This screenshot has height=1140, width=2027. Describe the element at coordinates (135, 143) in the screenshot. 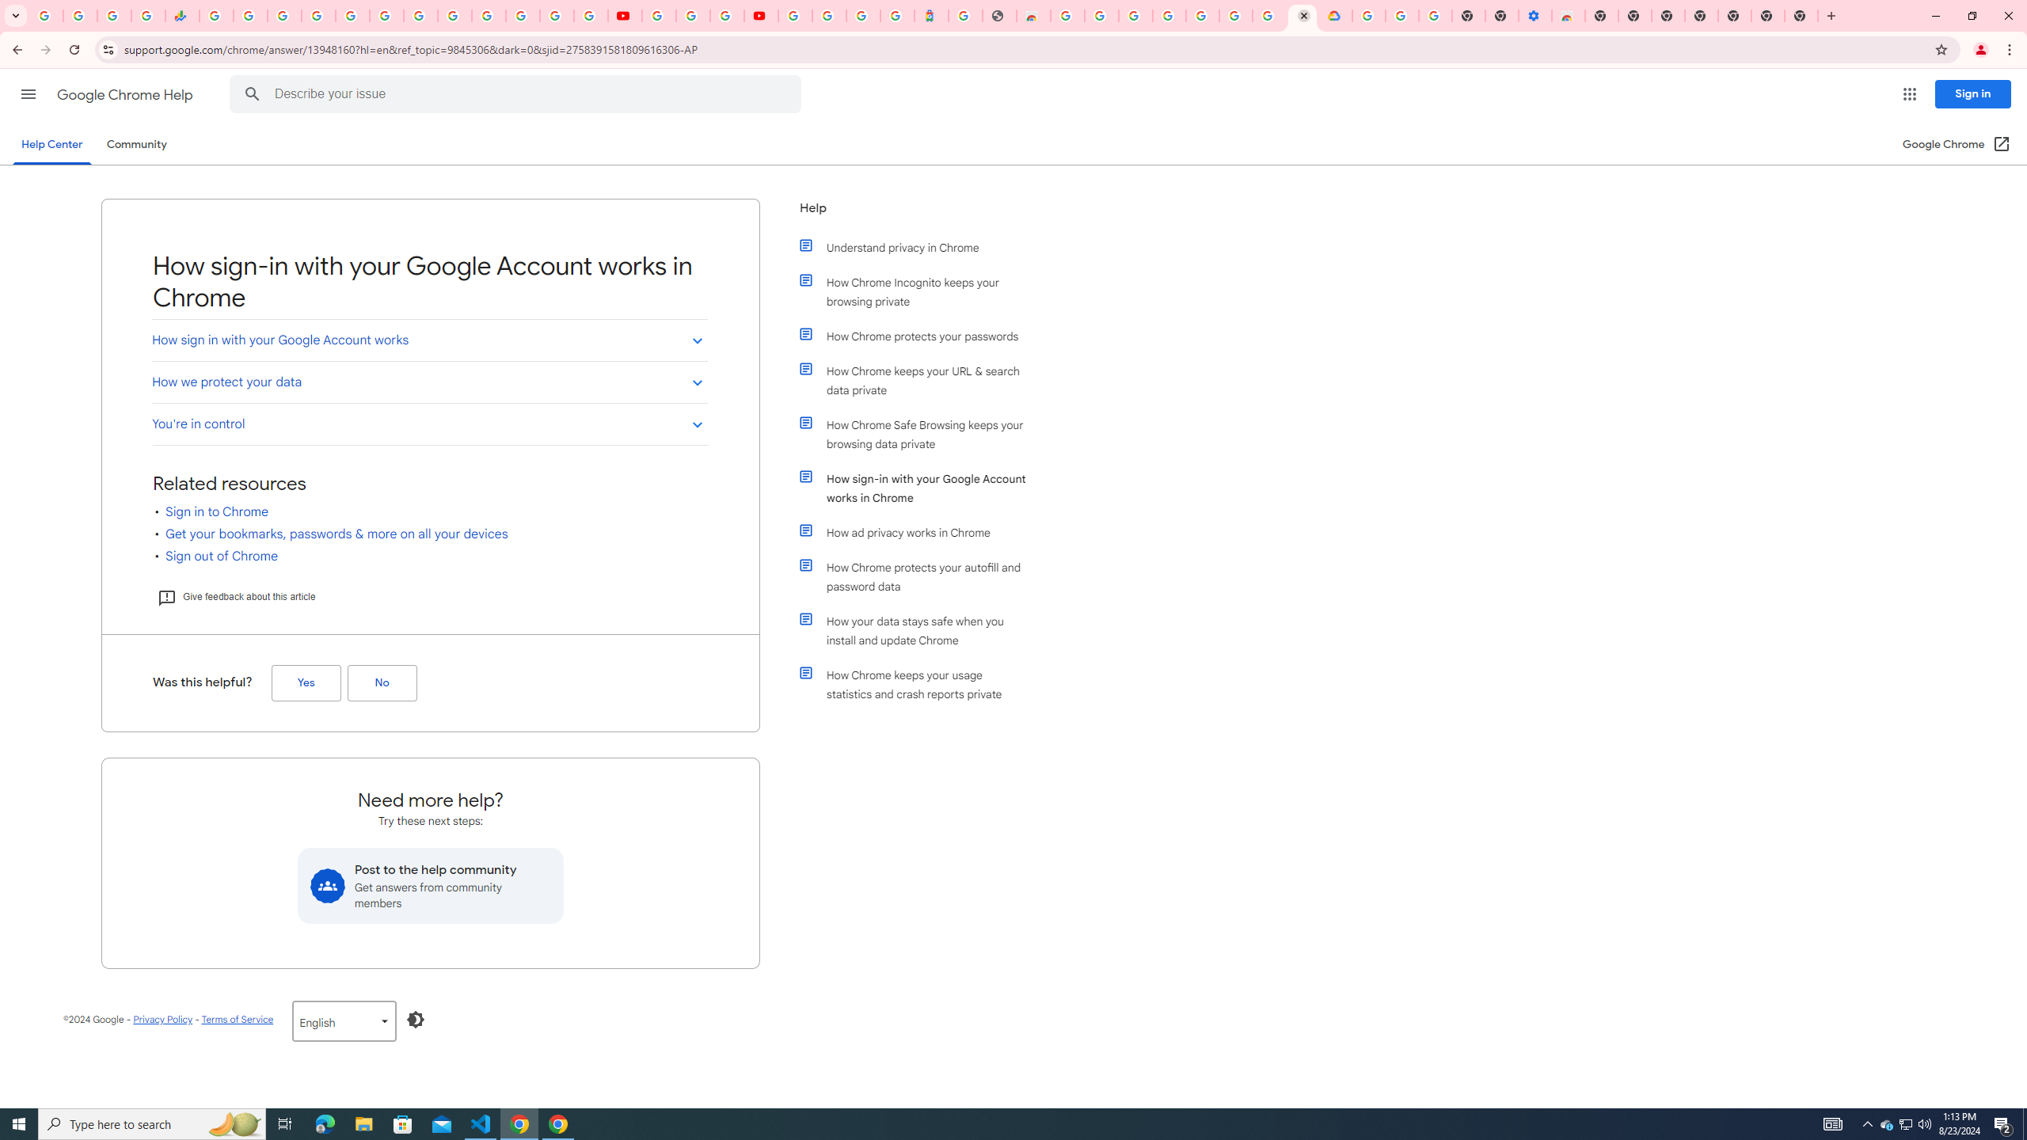

I see `'Community'` at that location.